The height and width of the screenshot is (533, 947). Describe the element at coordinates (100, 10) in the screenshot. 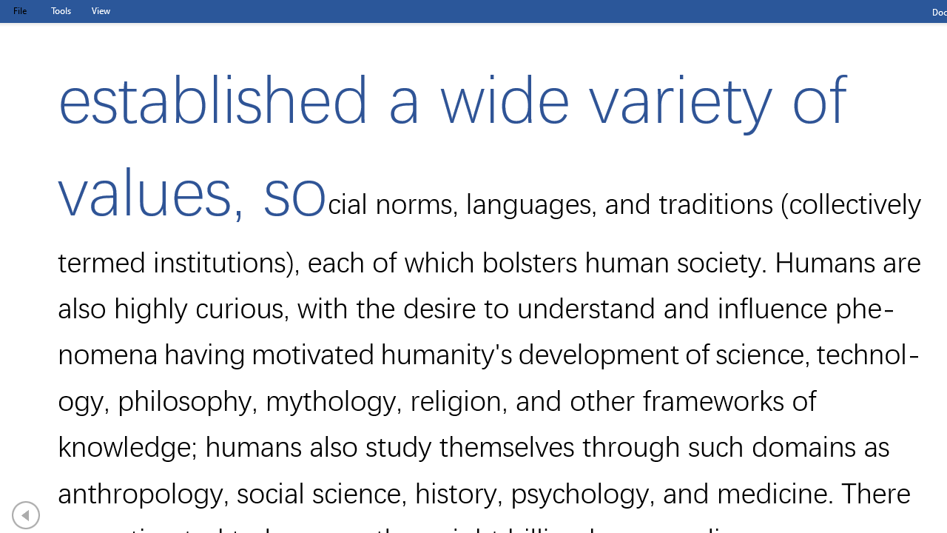

I see `'View'` at that location.